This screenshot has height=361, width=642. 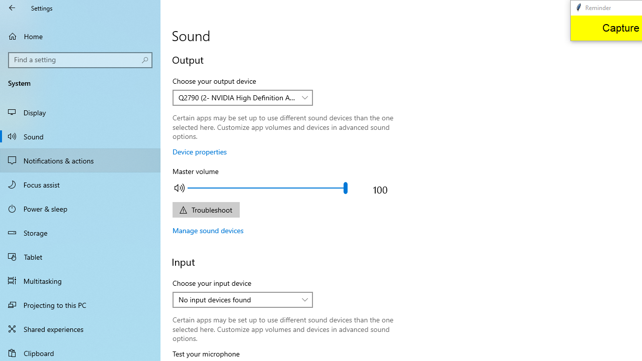 What do you see at coordinates (80, 280) in the screenshot?
I see `'Multitasking'` at bounding box center [80, 280].